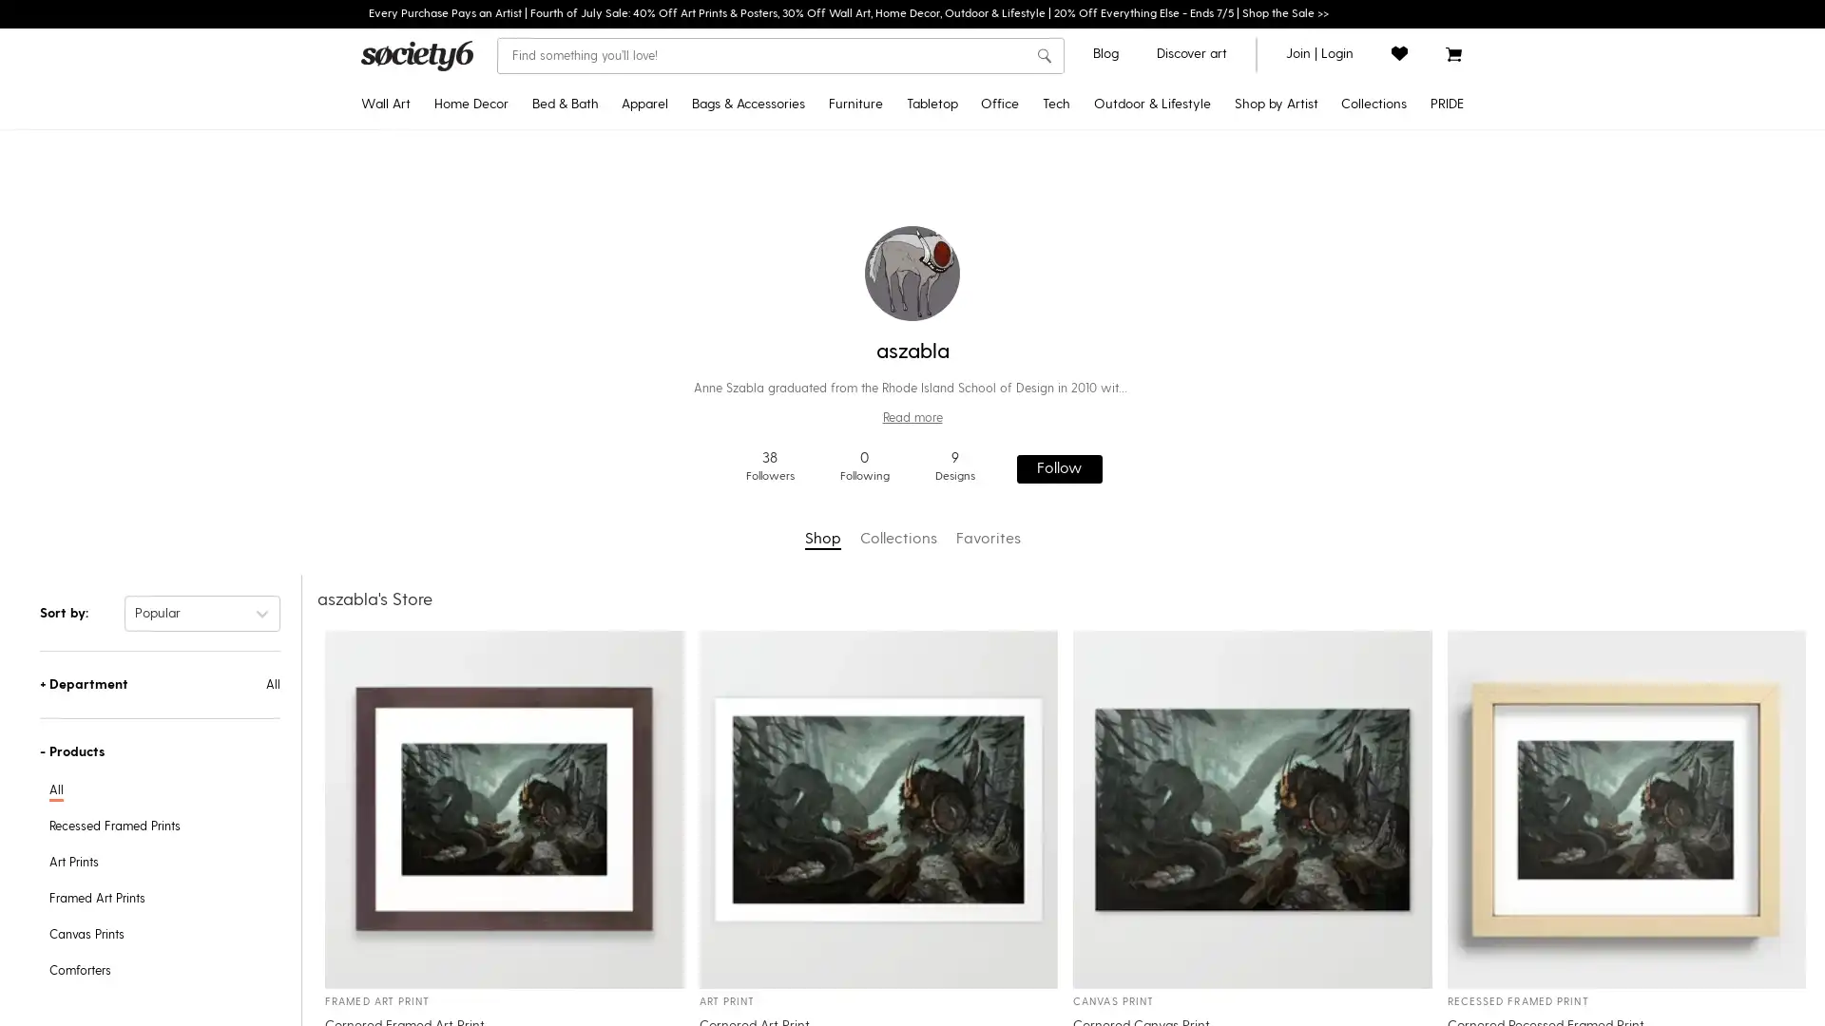 The image size is (1825, 1026). I want to click on Table Runners, so click(967, 243).